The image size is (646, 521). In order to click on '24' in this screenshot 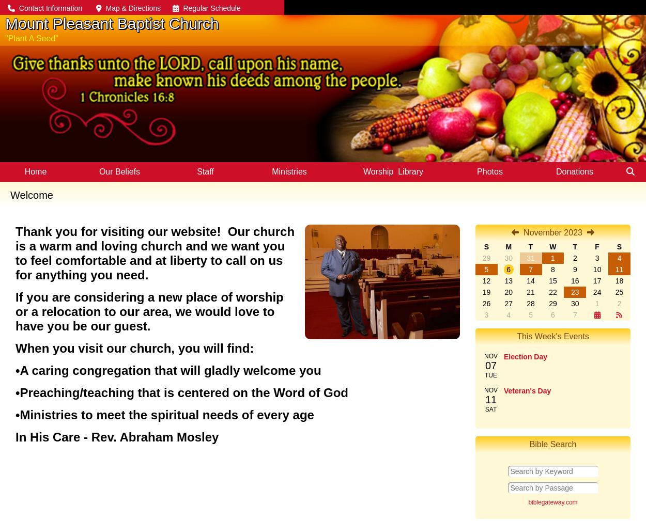, I will do `click(597, 292)`.